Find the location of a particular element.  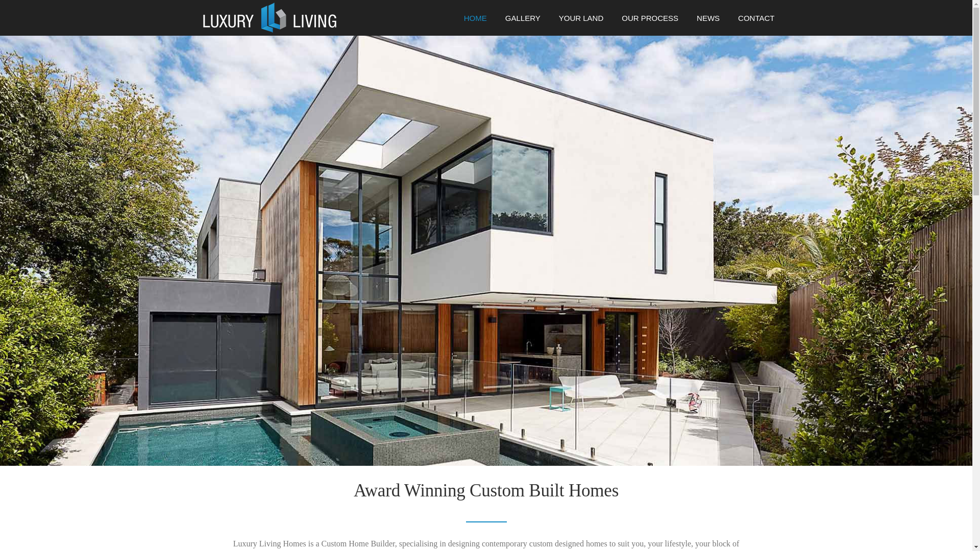

'NEWS' is located at coordinates (707, 22).